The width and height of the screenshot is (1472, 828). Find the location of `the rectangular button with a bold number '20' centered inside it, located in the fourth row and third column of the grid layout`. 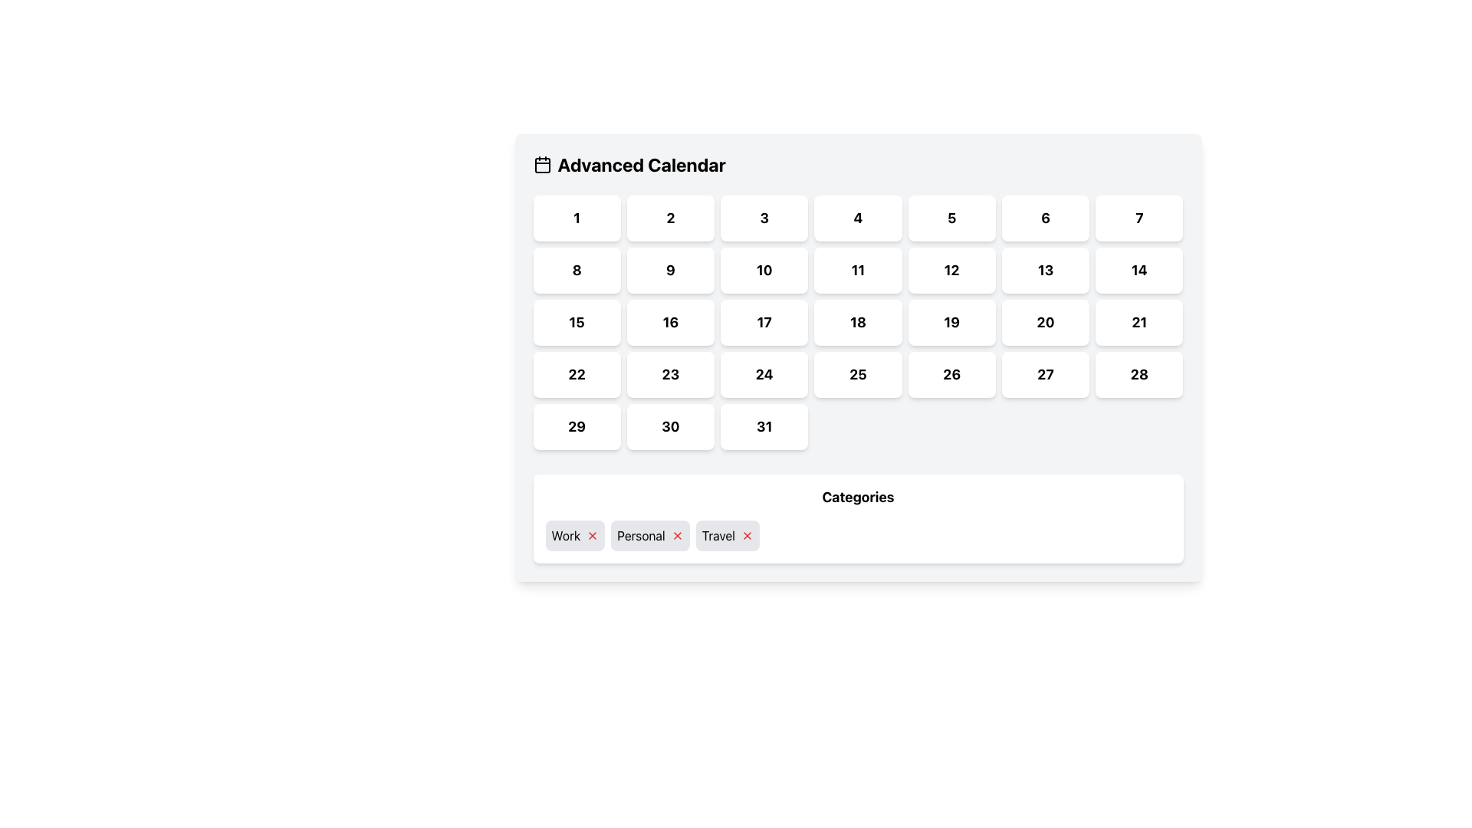

the rectangular button with a bold number '20' centered inside it, located in the fourth row and third column of the grid layout is located at coordinates (1044, 321).